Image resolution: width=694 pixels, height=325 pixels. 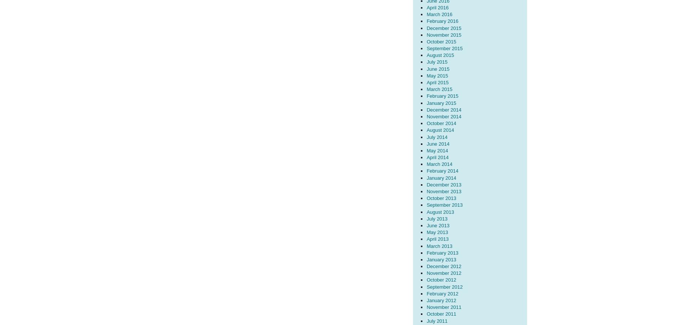 What do you see at coordinates (426, 191) in the screenshot?
I see `'November 2013'` at bounding box center [426, 191].